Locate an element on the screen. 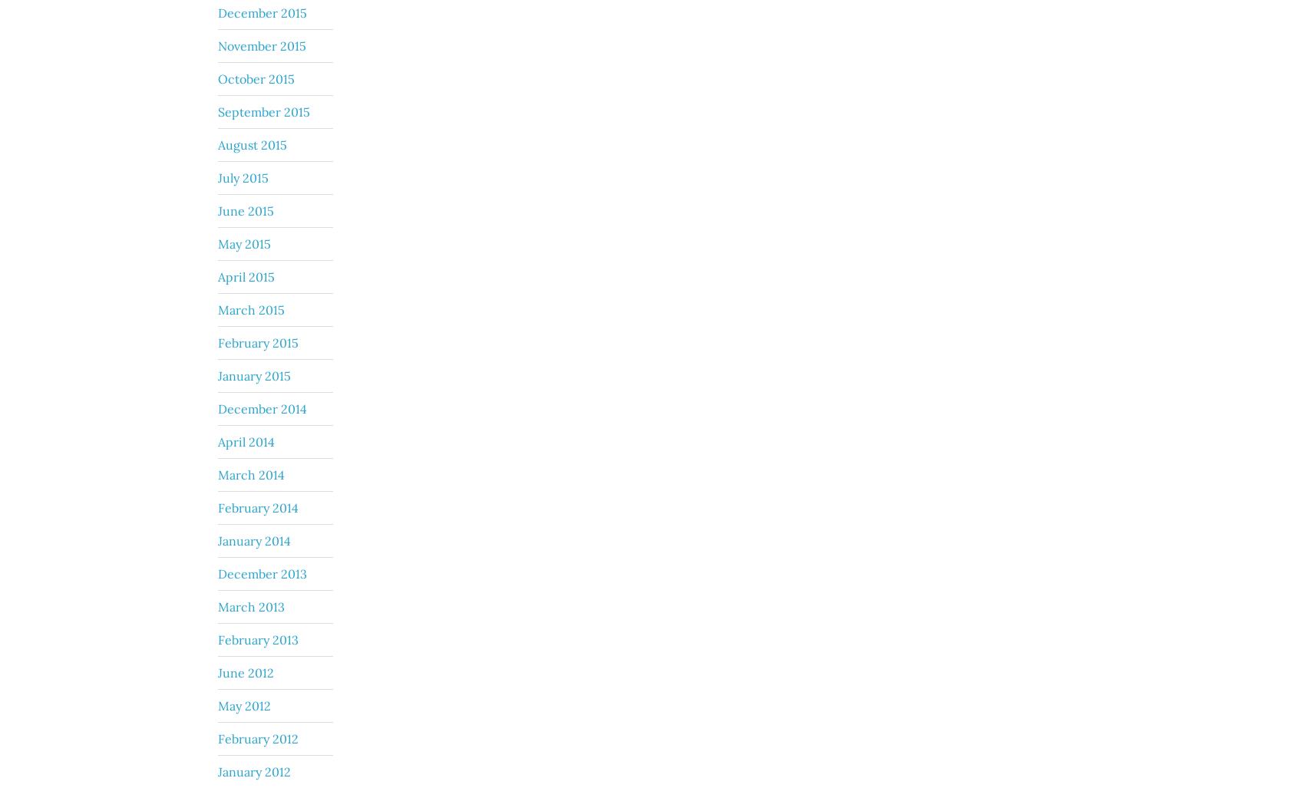 This screenshot has width=1311, height=788. 'November 2015' is located at coordinates (262, 44).